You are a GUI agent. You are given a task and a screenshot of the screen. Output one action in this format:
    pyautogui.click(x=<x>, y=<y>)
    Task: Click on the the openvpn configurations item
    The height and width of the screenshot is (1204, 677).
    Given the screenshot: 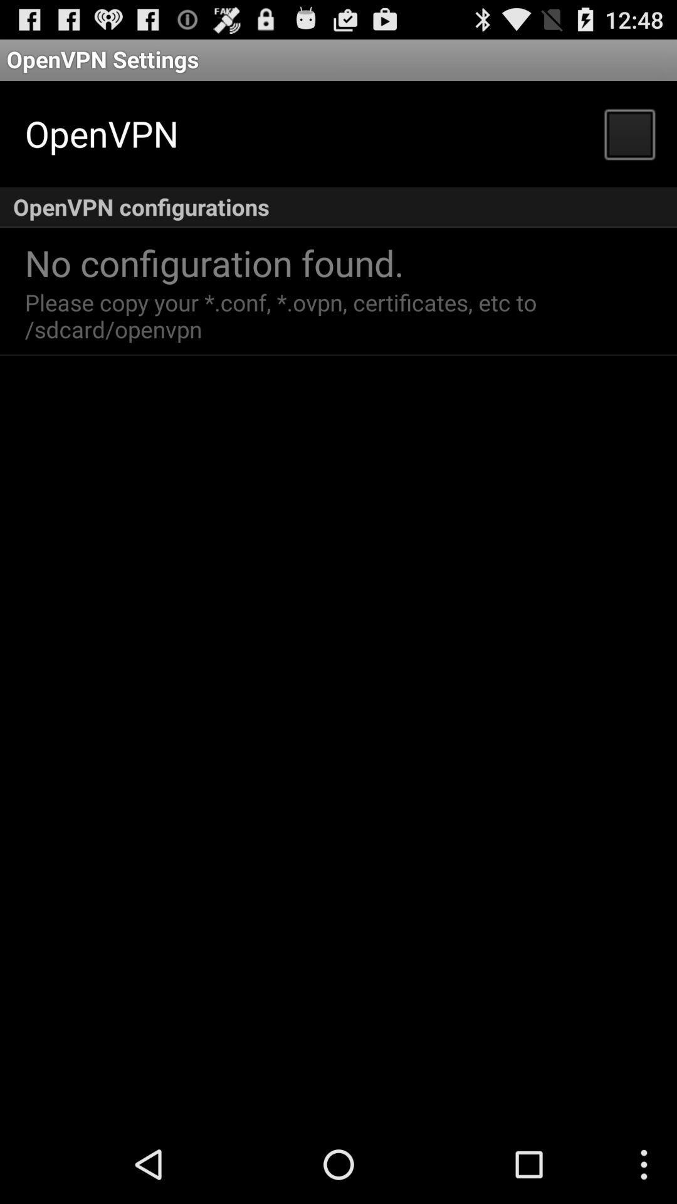 What is the action you would take?
    pyautogui.click(x=338, y=207)
    